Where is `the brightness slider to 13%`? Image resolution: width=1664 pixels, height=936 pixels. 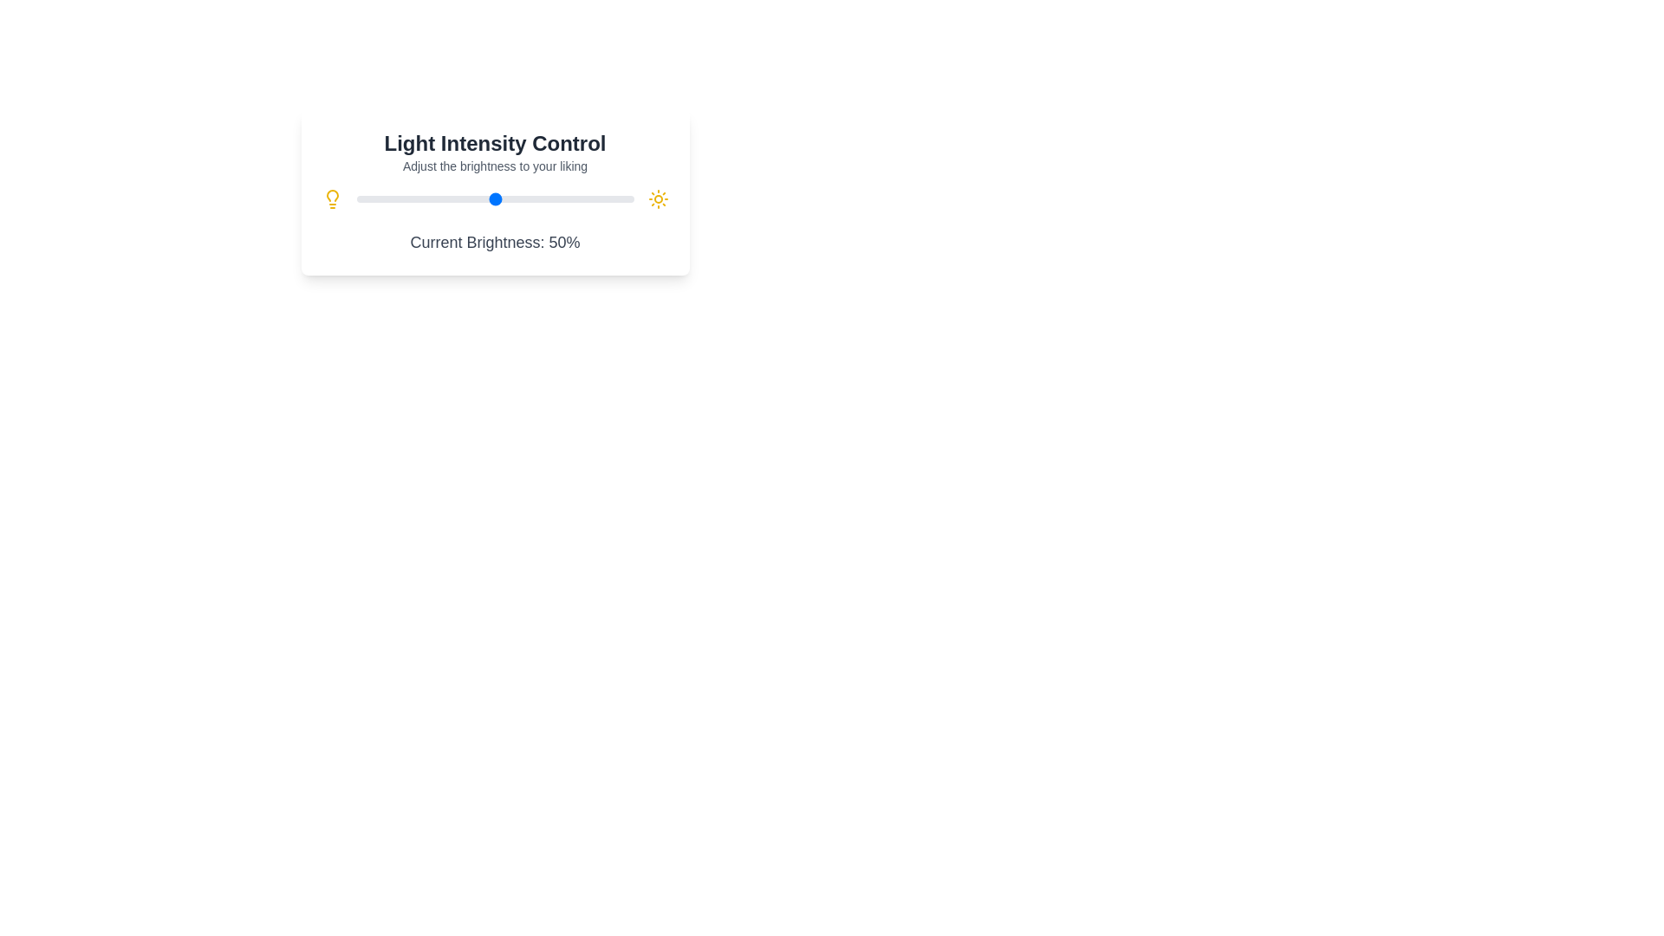
the brightness slider to 13% is located at coordinates (392, 198).